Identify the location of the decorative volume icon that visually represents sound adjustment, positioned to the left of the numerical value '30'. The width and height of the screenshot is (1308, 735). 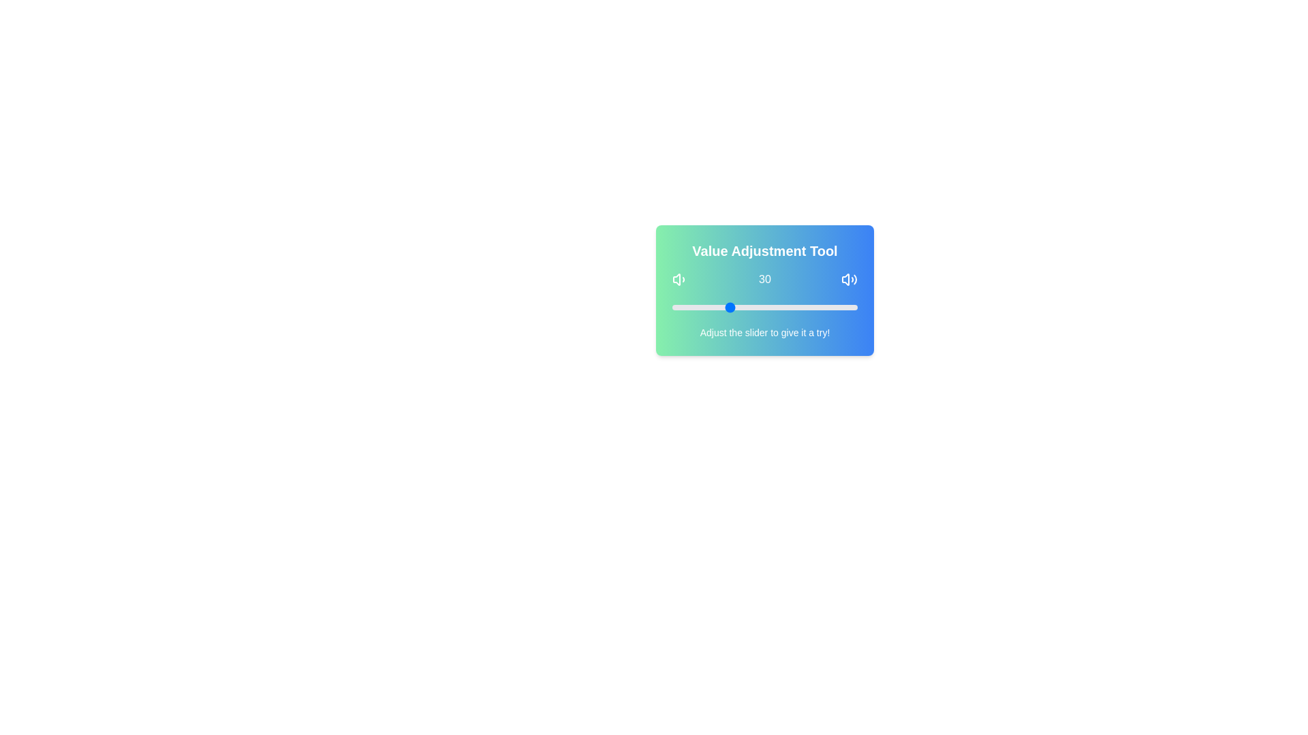
(680, 279).